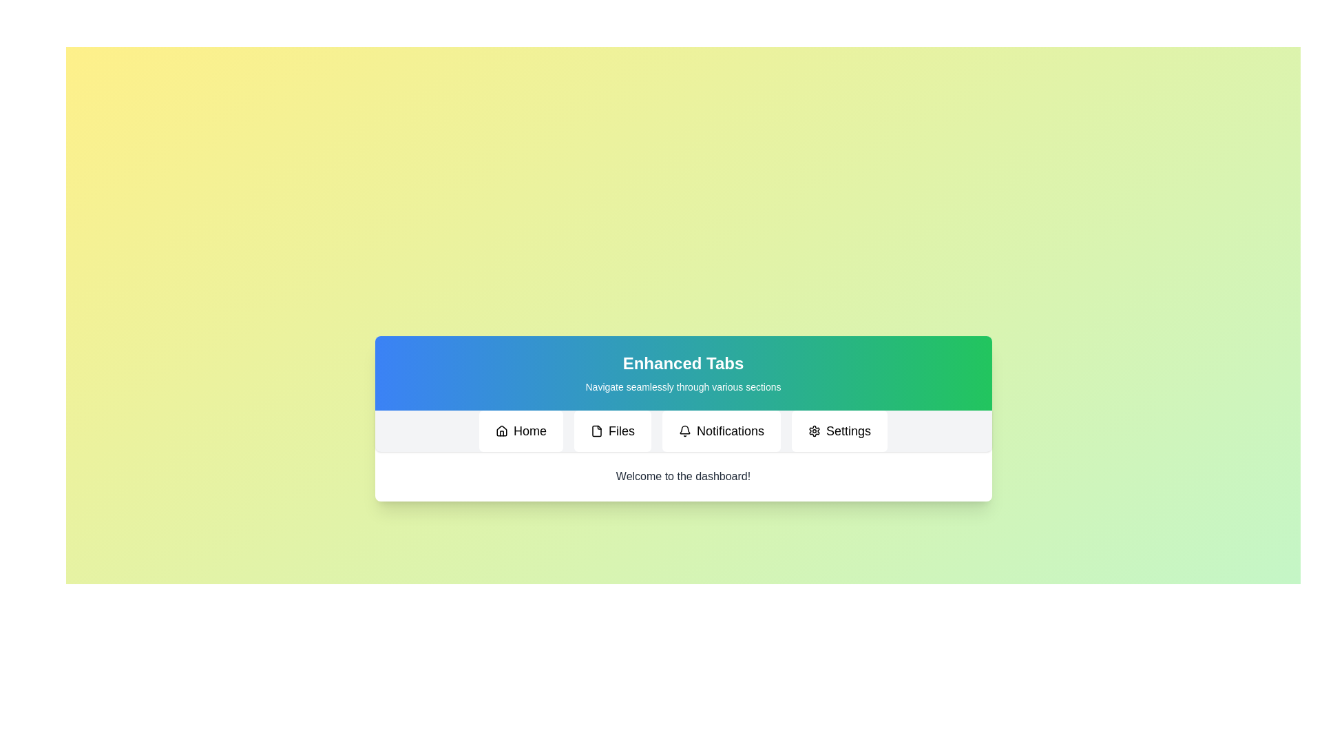  What do you see at coordinates (501, 430) in the screenshot?
I see `the 'Home' icon in the navigation bar` at bounding box center [501, 430].